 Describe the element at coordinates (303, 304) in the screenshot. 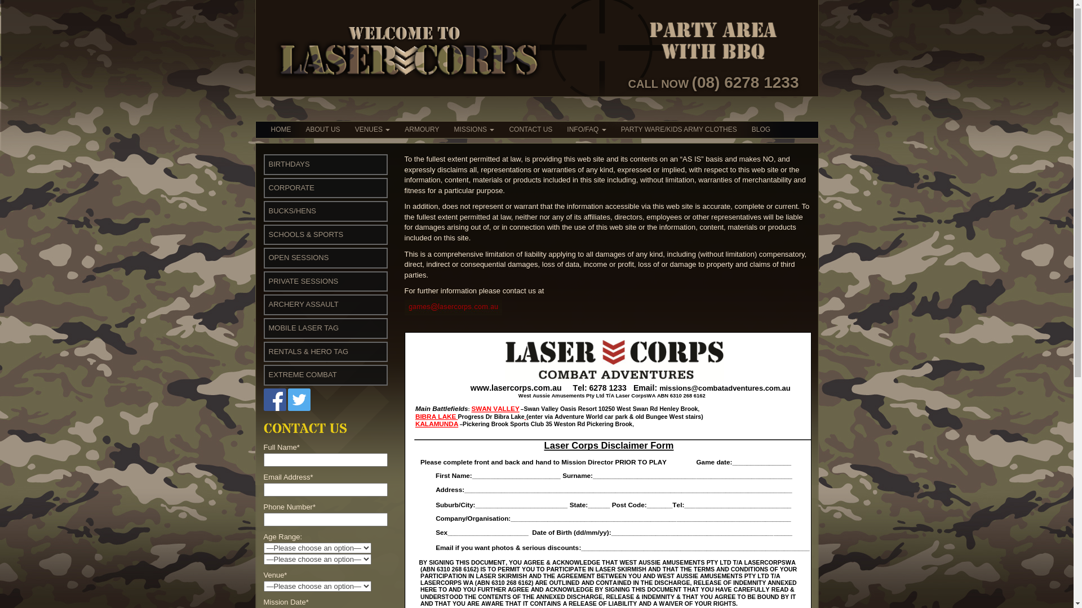

I see `'ARCHERY ASSAULT'` at that location.